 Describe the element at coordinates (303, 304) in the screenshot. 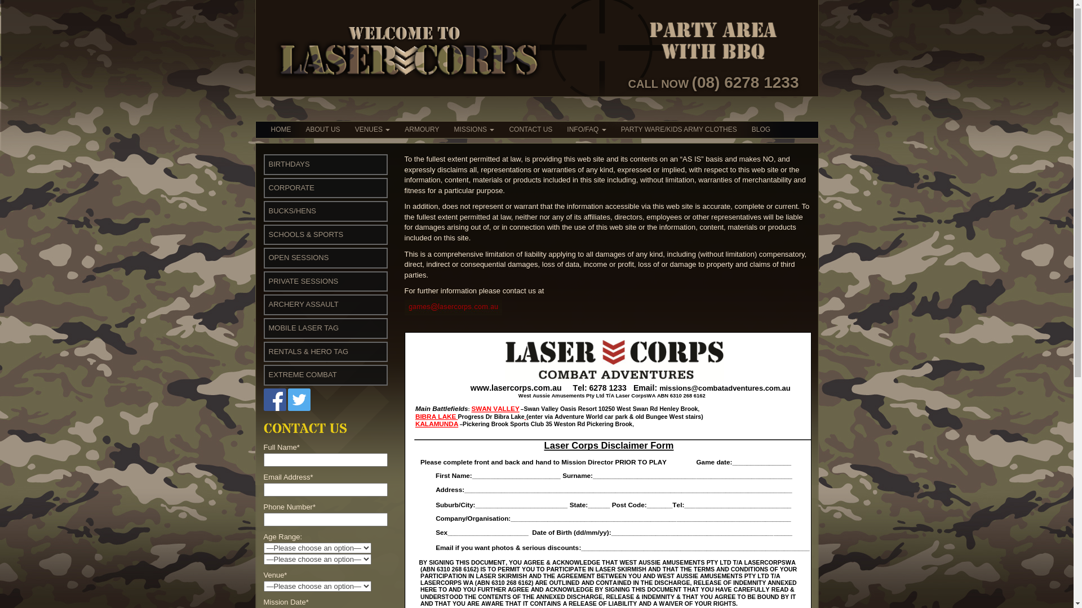

I see `'ARCHERY ASSAULT'` at that location.